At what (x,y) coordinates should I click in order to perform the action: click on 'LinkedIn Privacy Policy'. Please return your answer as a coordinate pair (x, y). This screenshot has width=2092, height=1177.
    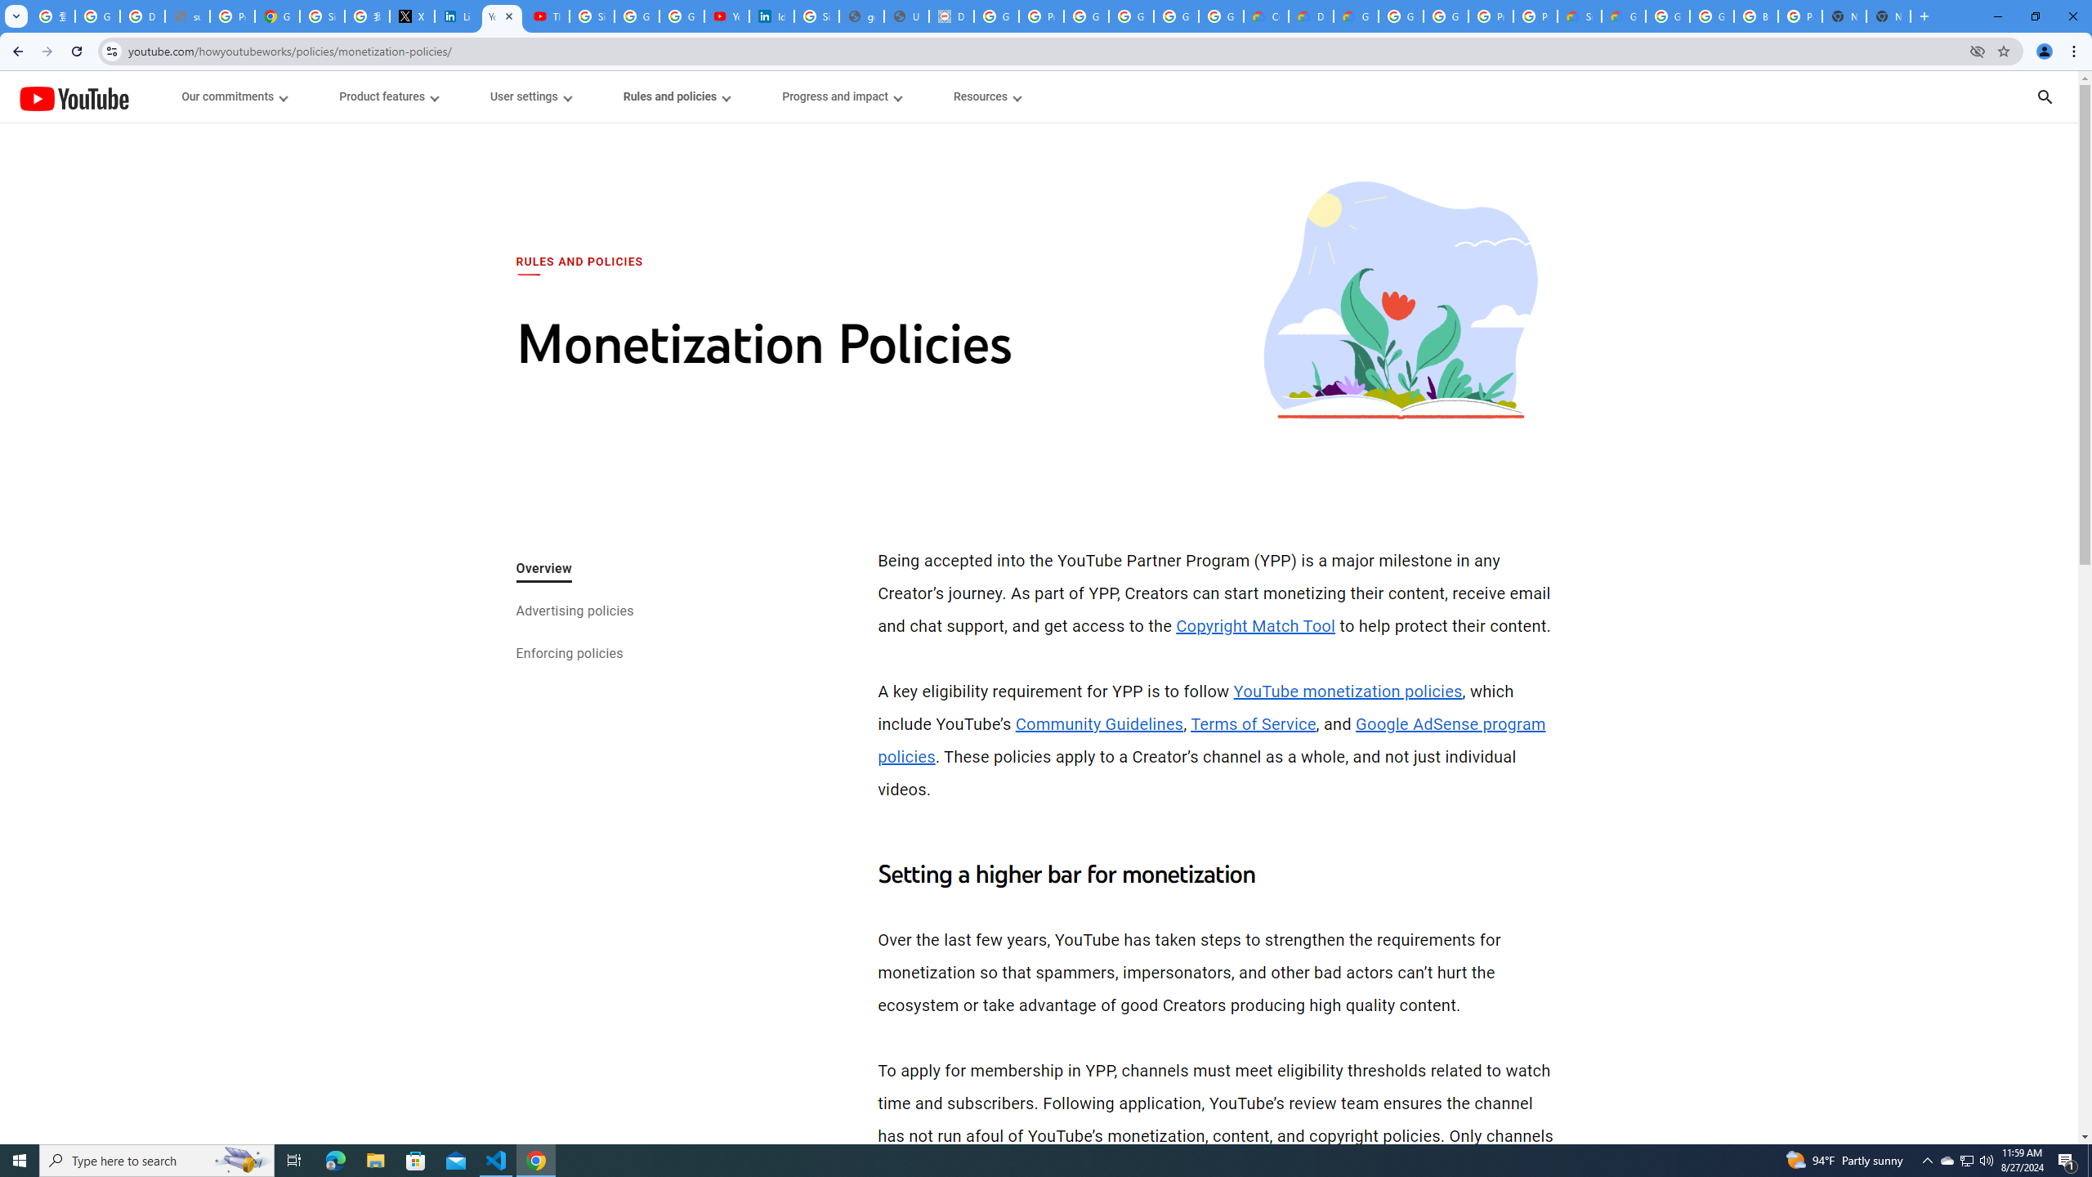
    Looking at the image, I should click on (456, 16).